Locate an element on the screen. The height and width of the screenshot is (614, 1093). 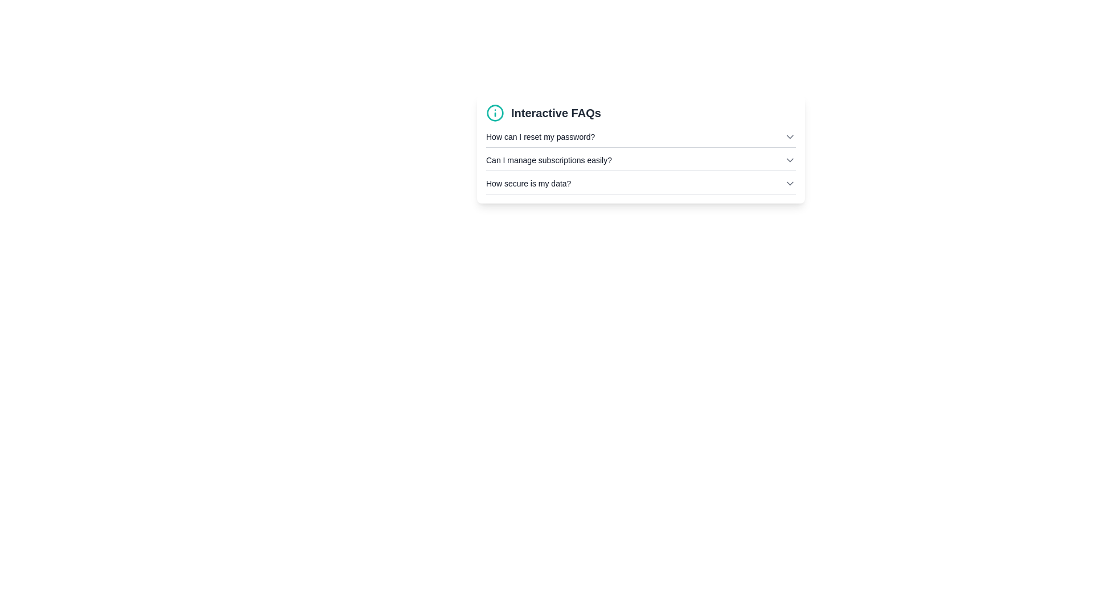
the teal circular SVG element located to the left of the 'Interactive FAQs' text label at the top of the help section is located at coordinates (495, 113).